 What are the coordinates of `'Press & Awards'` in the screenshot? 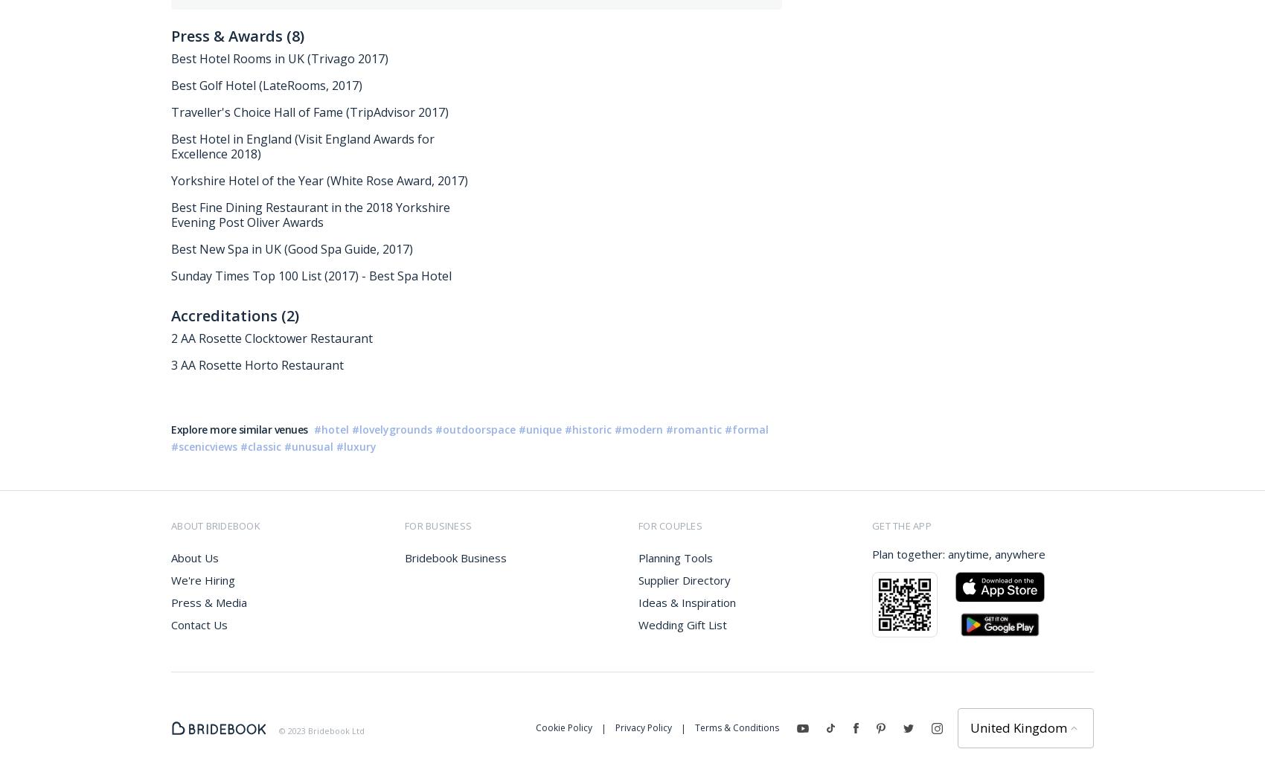 It's located at (171, 35).